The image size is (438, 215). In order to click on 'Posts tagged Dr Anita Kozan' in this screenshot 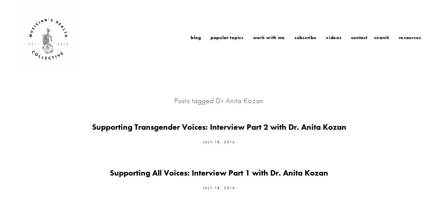, I will do `click(219, 100)`.